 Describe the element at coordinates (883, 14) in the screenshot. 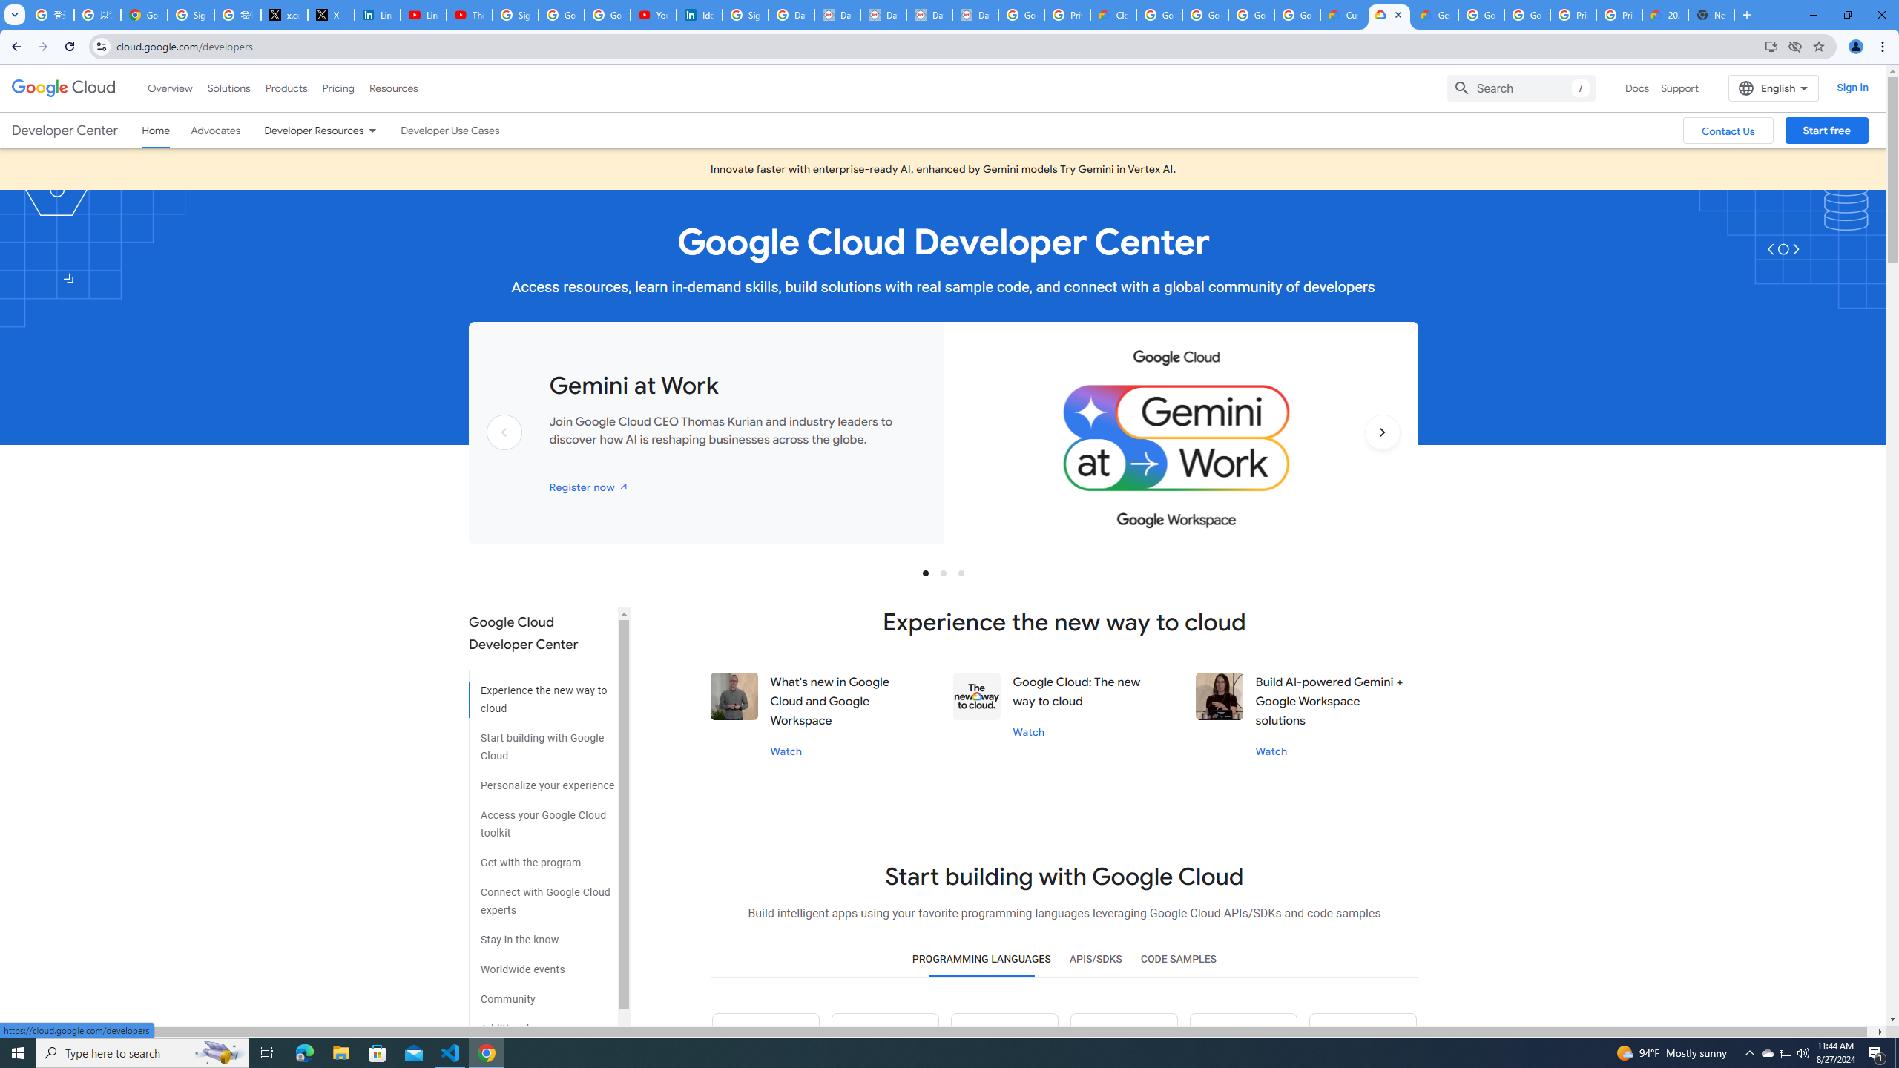

I see `'Data Privacy Framework'` at that location.